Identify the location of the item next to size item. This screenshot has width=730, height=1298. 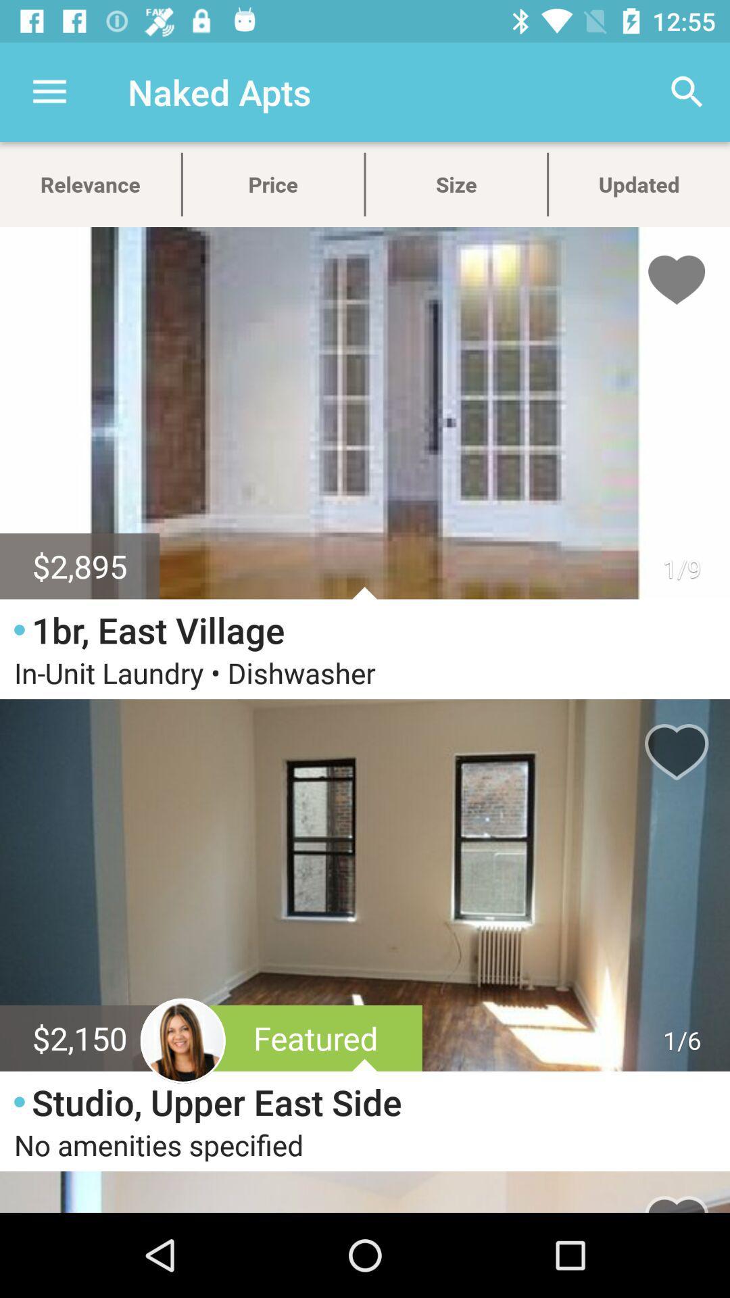
(687, 91).